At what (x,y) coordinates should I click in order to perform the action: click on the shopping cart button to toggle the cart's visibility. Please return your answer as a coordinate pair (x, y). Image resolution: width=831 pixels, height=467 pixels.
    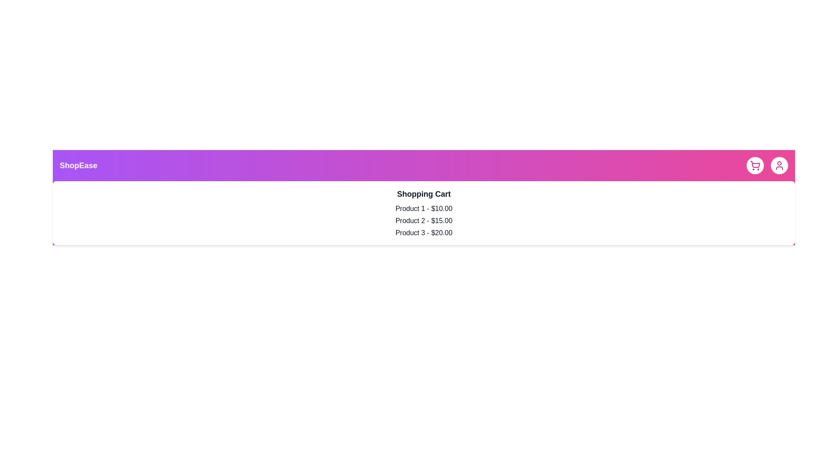
    Looking at the image, I should click on (755, 165).